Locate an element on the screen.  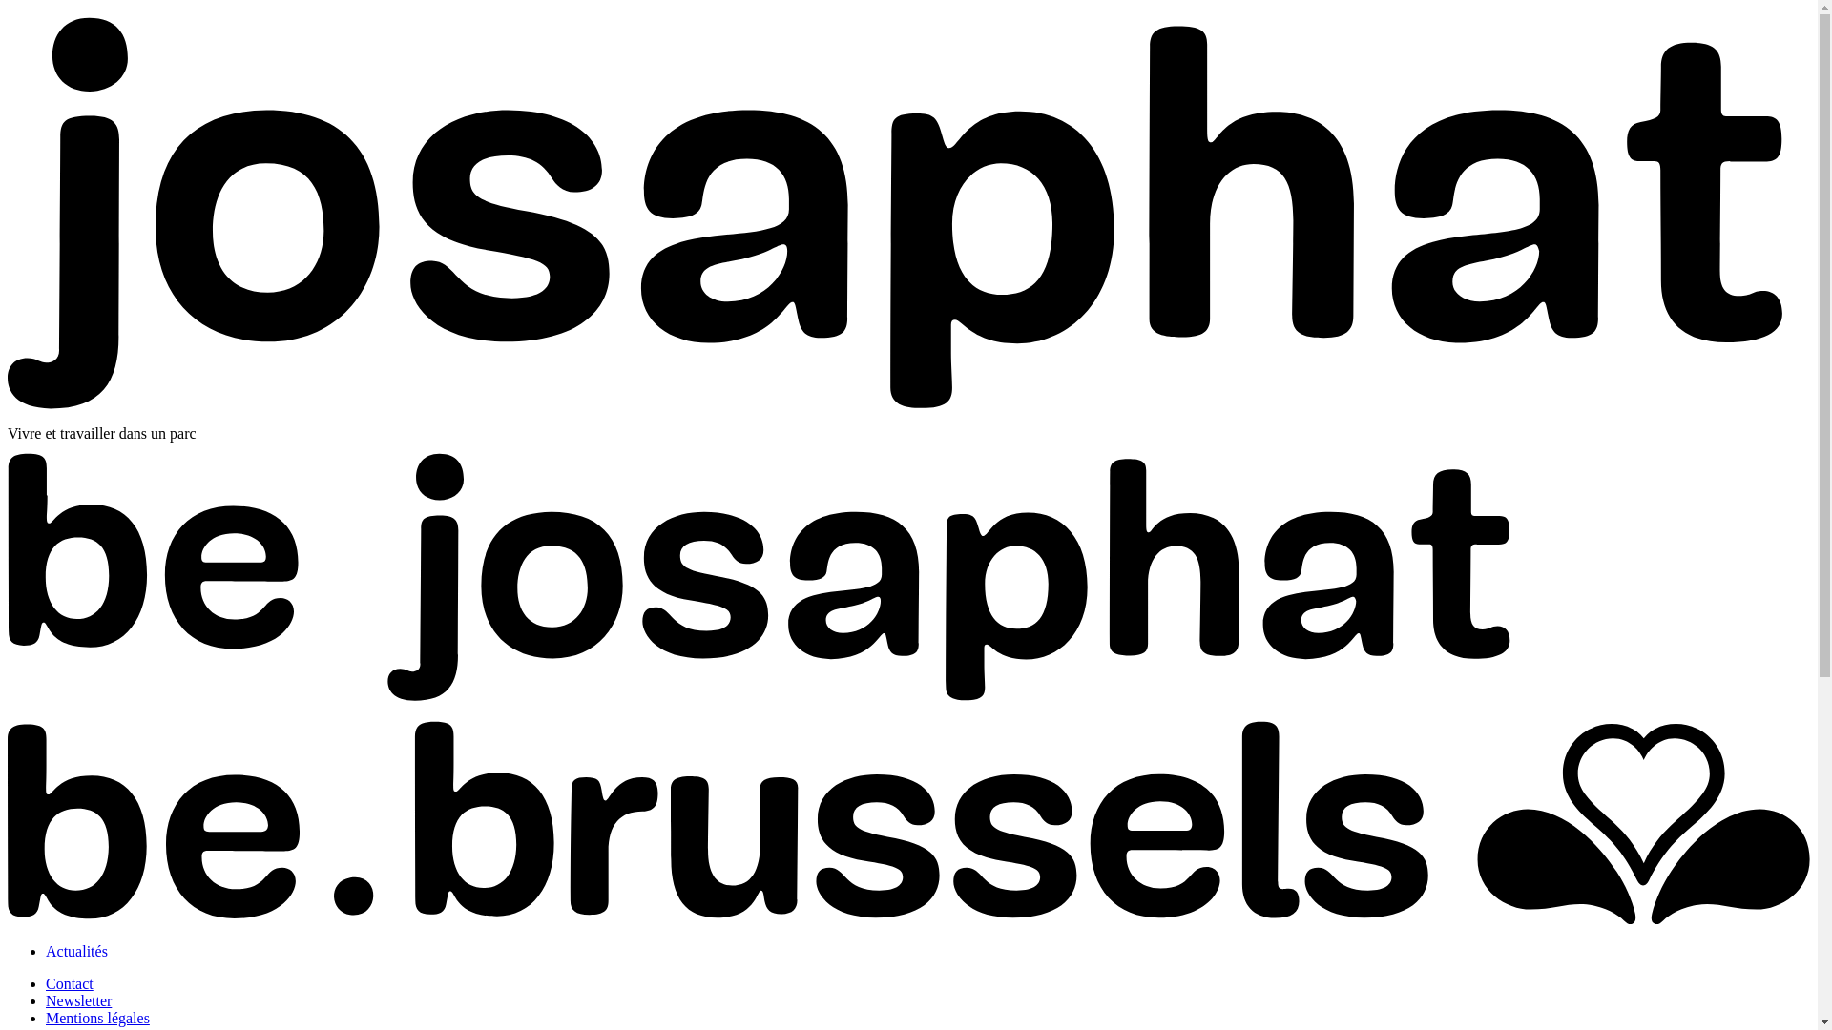
'Aller au contenu principal' is located at coordinates (8, 8).